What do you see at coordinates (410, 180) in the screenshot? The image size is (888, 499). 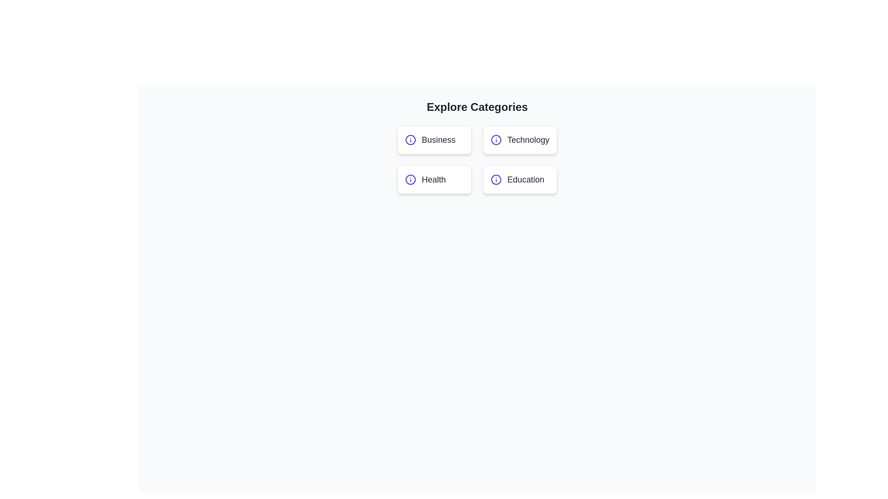 I see `the information icon located in the lower left quadrant of the grid layout` at bounding box center [410, 180].